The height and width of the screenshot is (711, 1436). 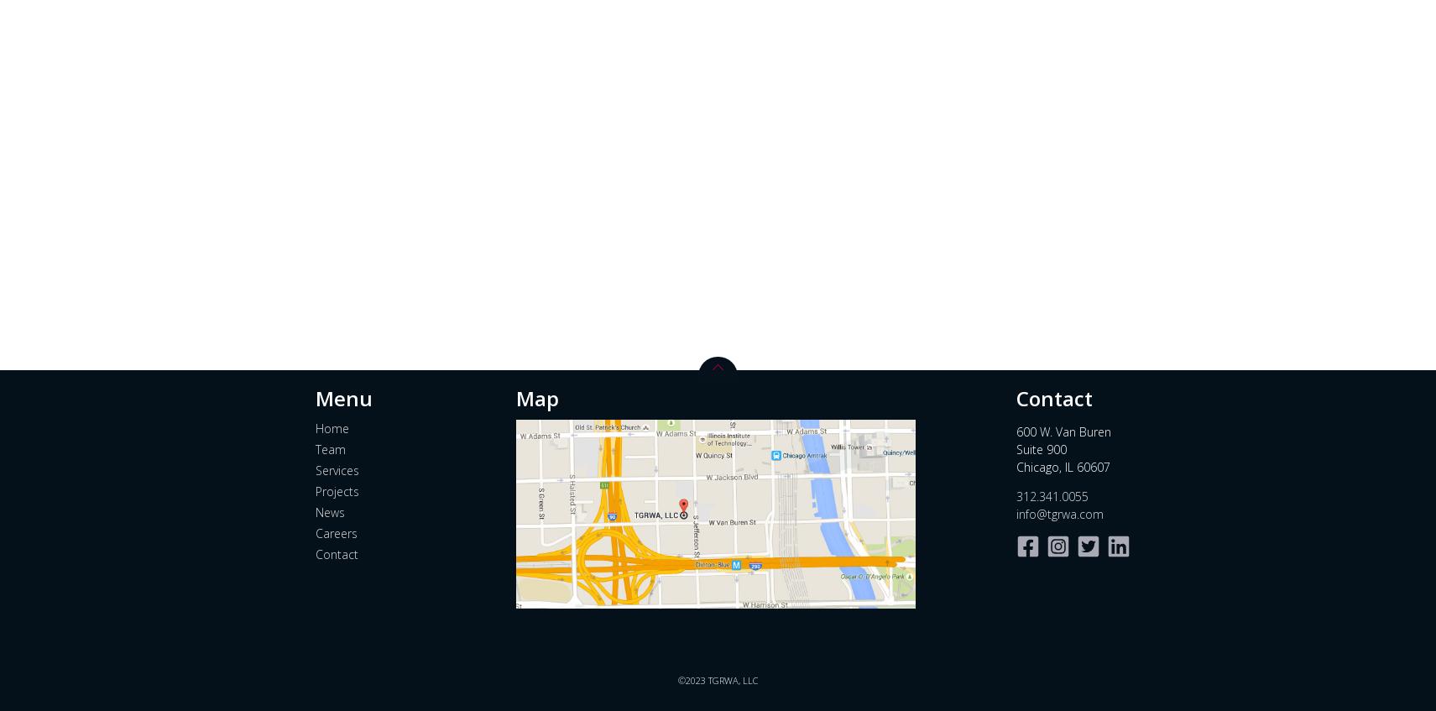 What do you see at coordinates (330, 447) in the screenshot?
I see `'Team'` at bounding box center [330, 447].